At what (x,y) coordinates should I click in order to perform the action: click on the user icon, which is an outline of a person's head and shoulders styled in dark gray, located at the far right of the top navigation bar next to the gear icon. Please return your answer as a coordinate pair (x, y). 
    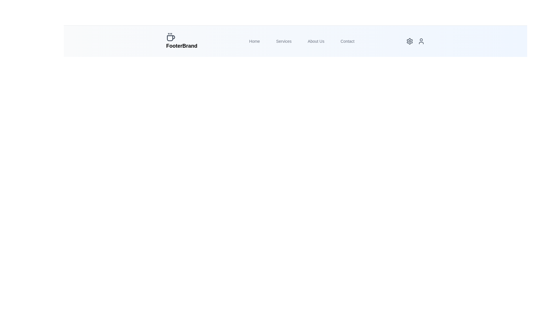
    Looking at the image, I should click on (421, 41).